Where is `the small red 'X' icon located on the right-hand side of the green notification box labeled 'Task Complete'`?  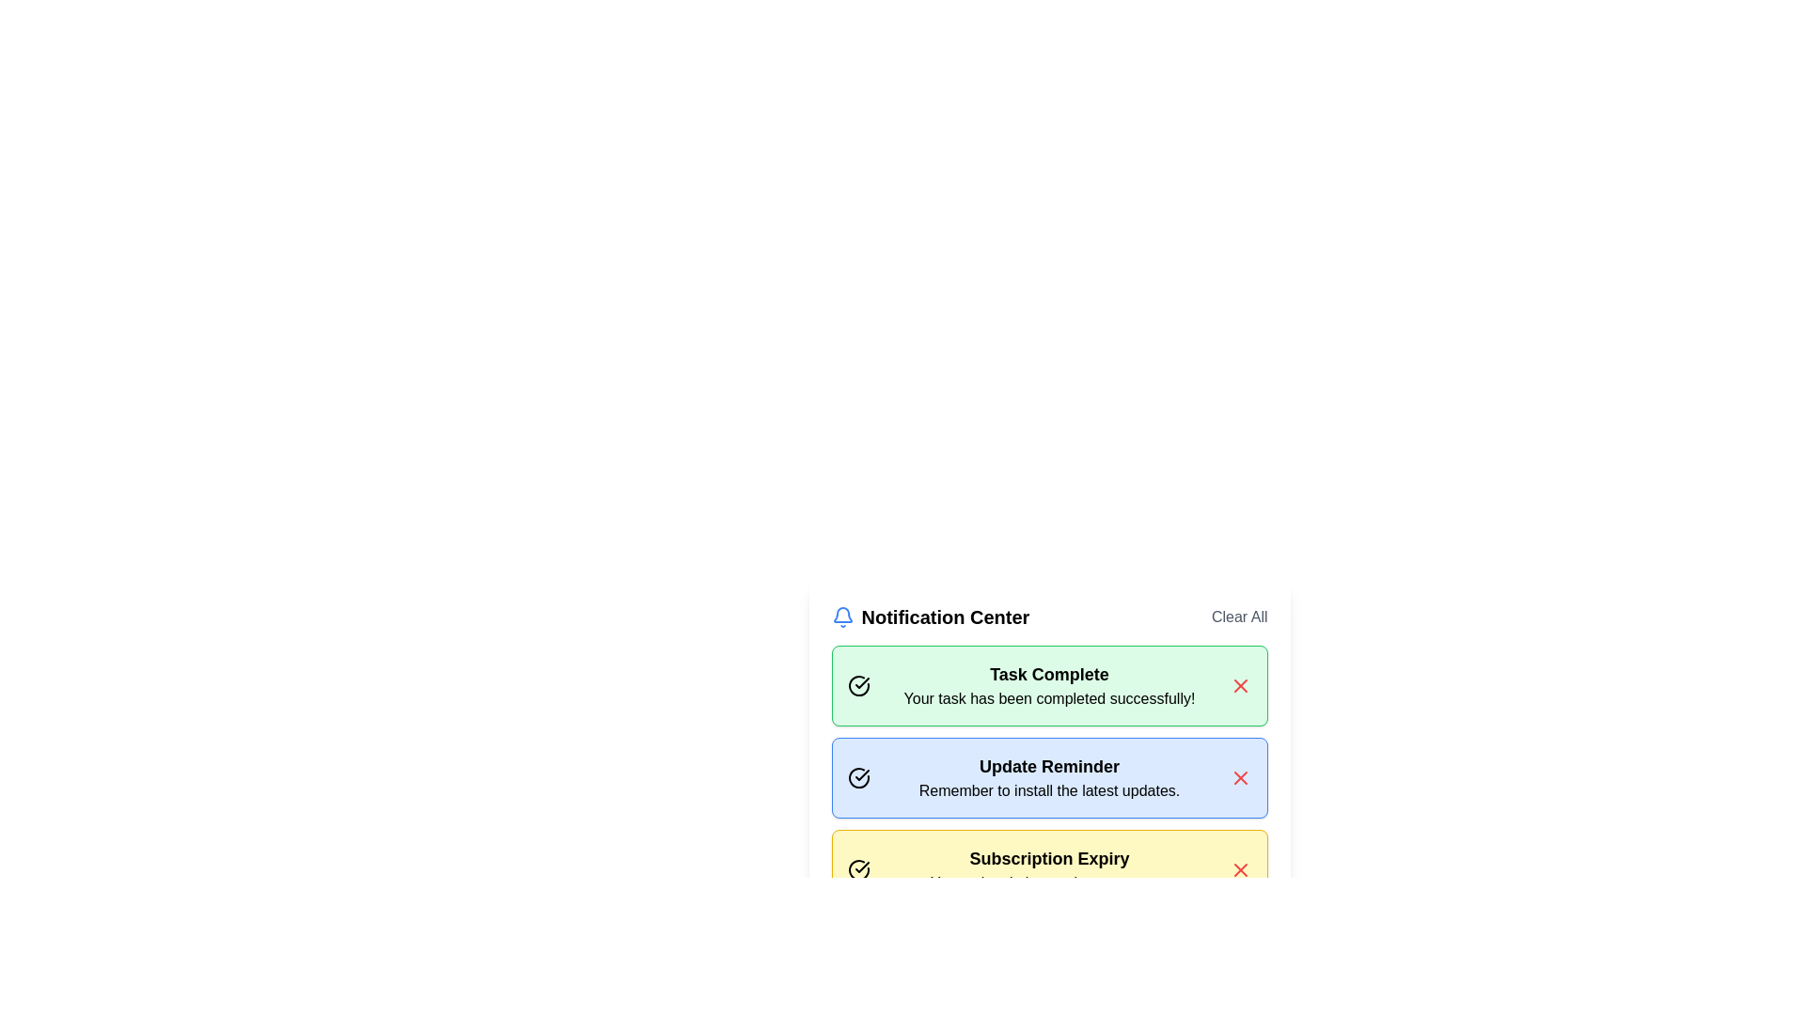 the small red 'X' icon located on the right-hand side of the green notification box labeled 'Task Complete' is located at coordinates (1240, 685).